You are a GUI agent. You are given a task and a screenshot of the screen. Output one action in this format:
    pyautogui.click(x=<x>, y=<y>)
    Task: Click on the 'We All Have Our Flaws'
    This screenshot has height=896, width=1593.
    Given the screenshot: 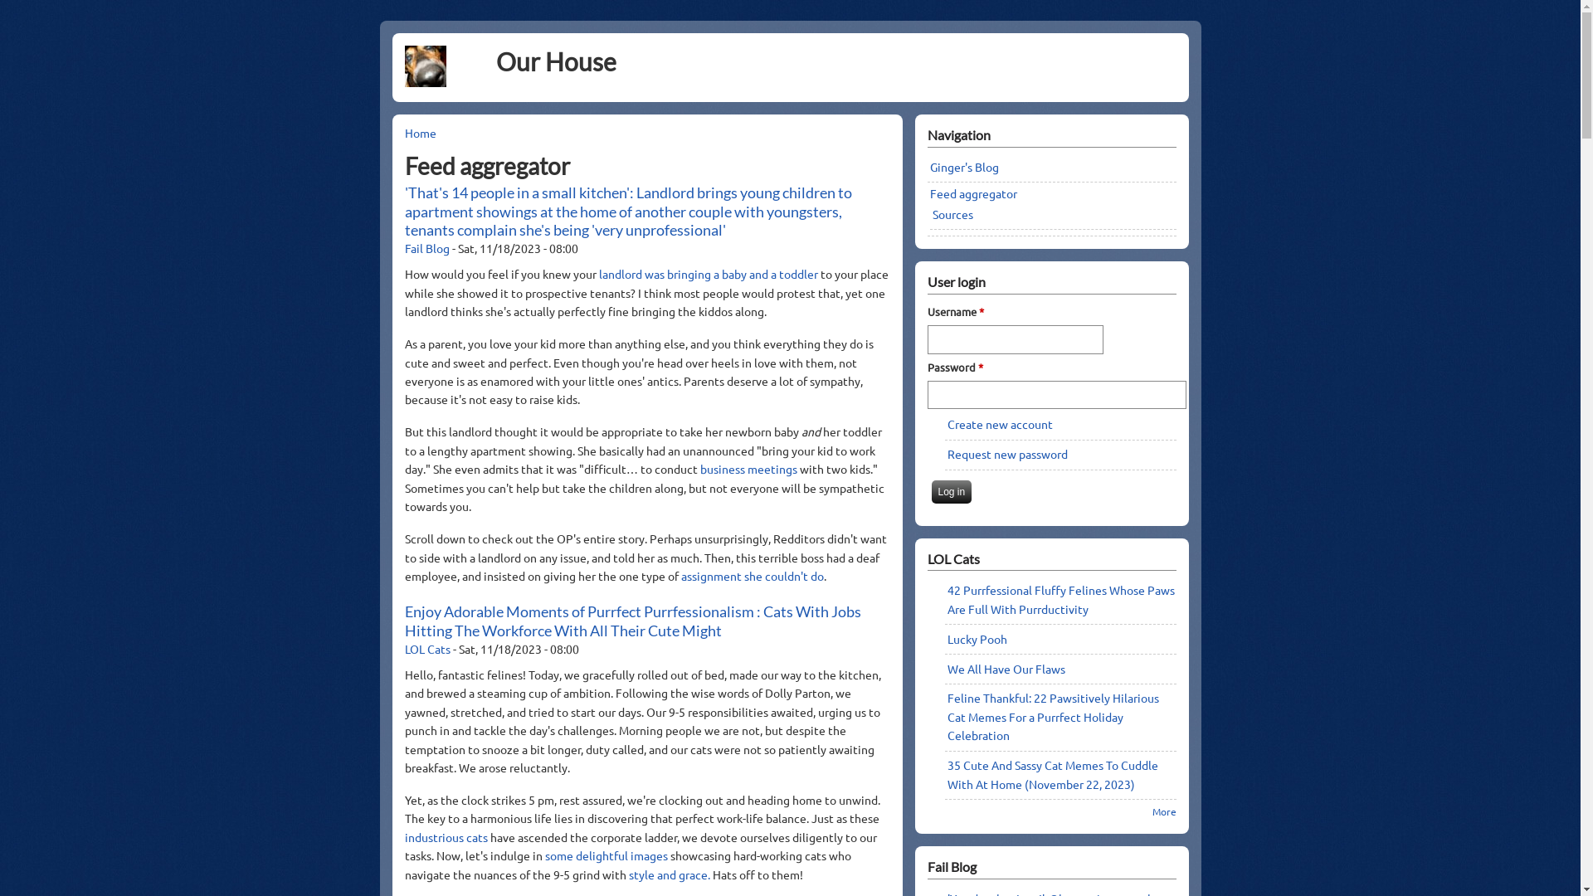 What is the action you would take?
    pyautogui.click(x=1006, y=668)
    